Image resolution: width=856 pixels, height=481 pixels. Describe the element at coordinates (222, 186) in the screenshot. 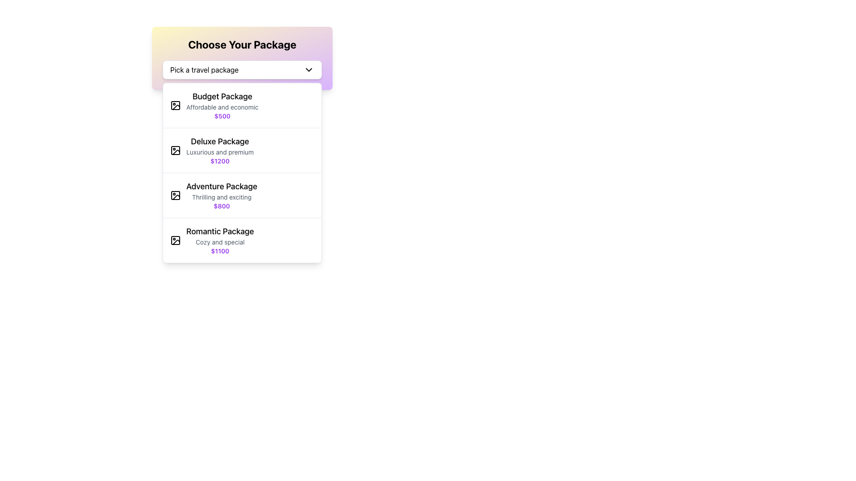

I see `text label that says 'Adventure Package', which is styled in bold and slightly larger font, positioned at the top of the list item for the Adventure Package` at that location.